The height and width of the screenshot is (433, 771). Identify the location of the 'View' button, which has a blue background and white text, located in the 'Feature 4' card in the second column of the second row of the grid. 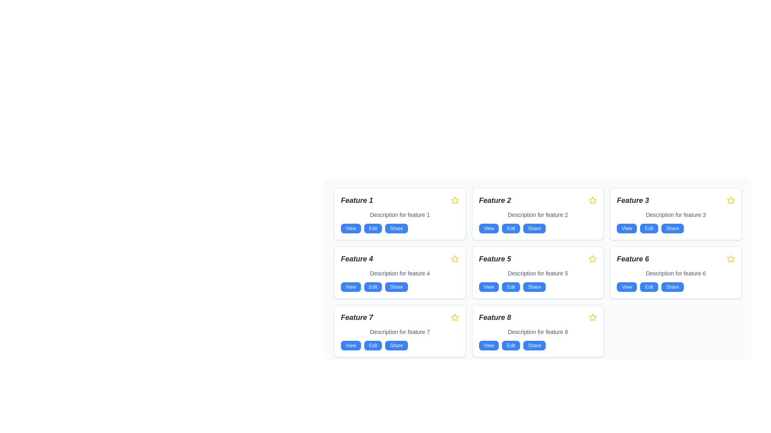
(351, 287).